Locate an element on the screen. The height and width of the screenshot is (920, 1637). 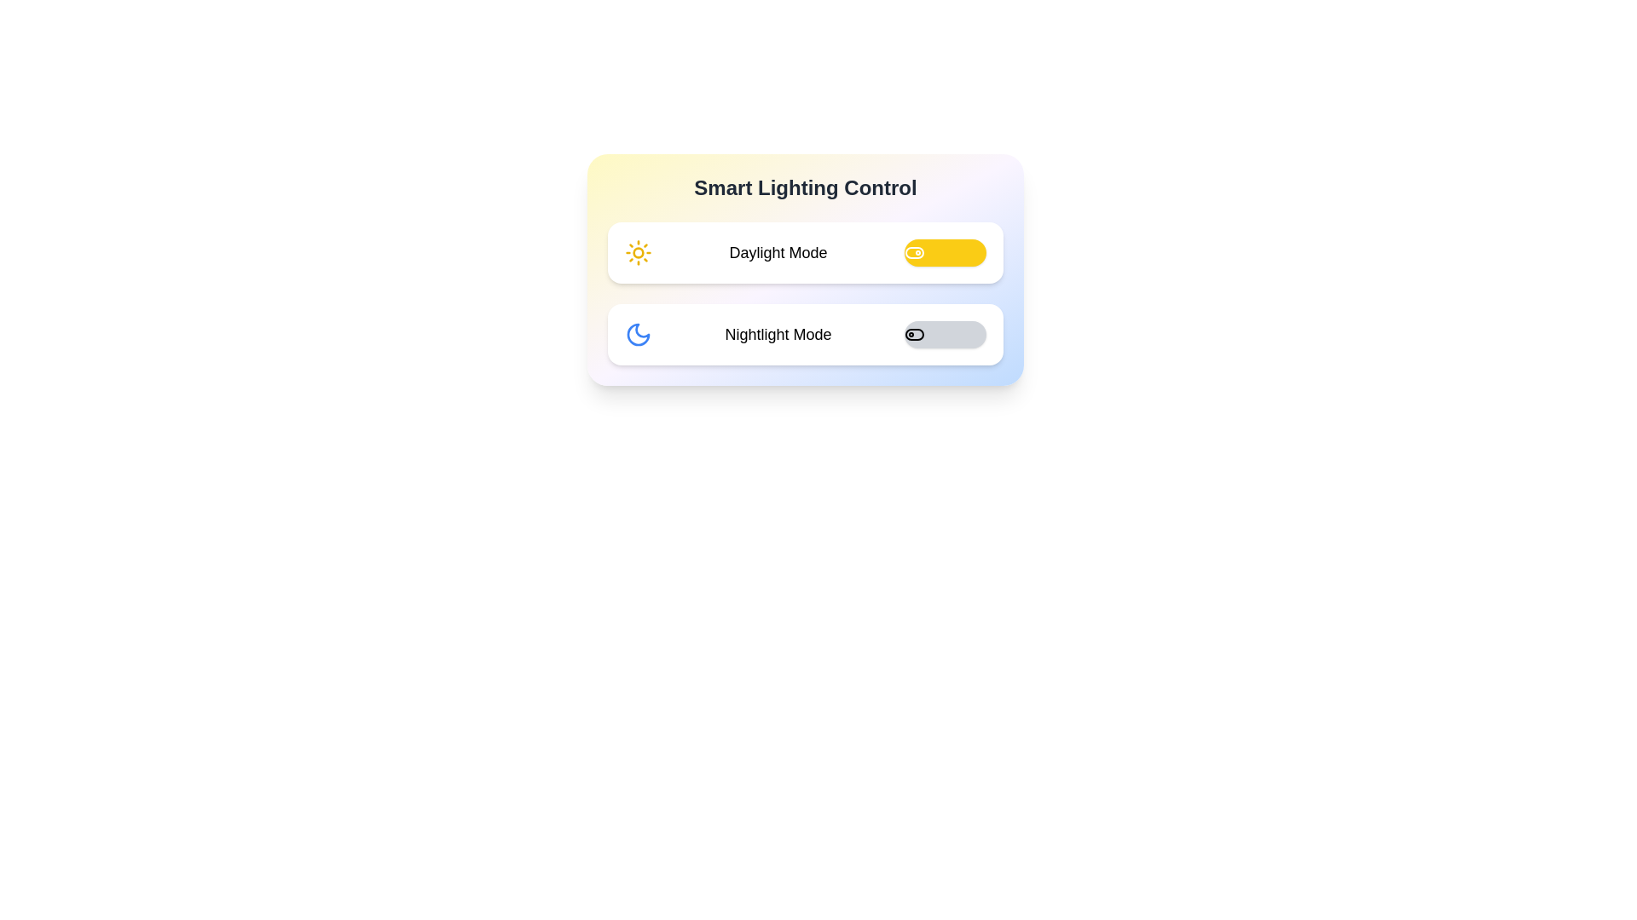
the 'Daylight Mode' SVG Icon located in the Smart Lighting Control card, positioned to the left of the text 'Daylight Mode' is located at coordinates (637, 253).